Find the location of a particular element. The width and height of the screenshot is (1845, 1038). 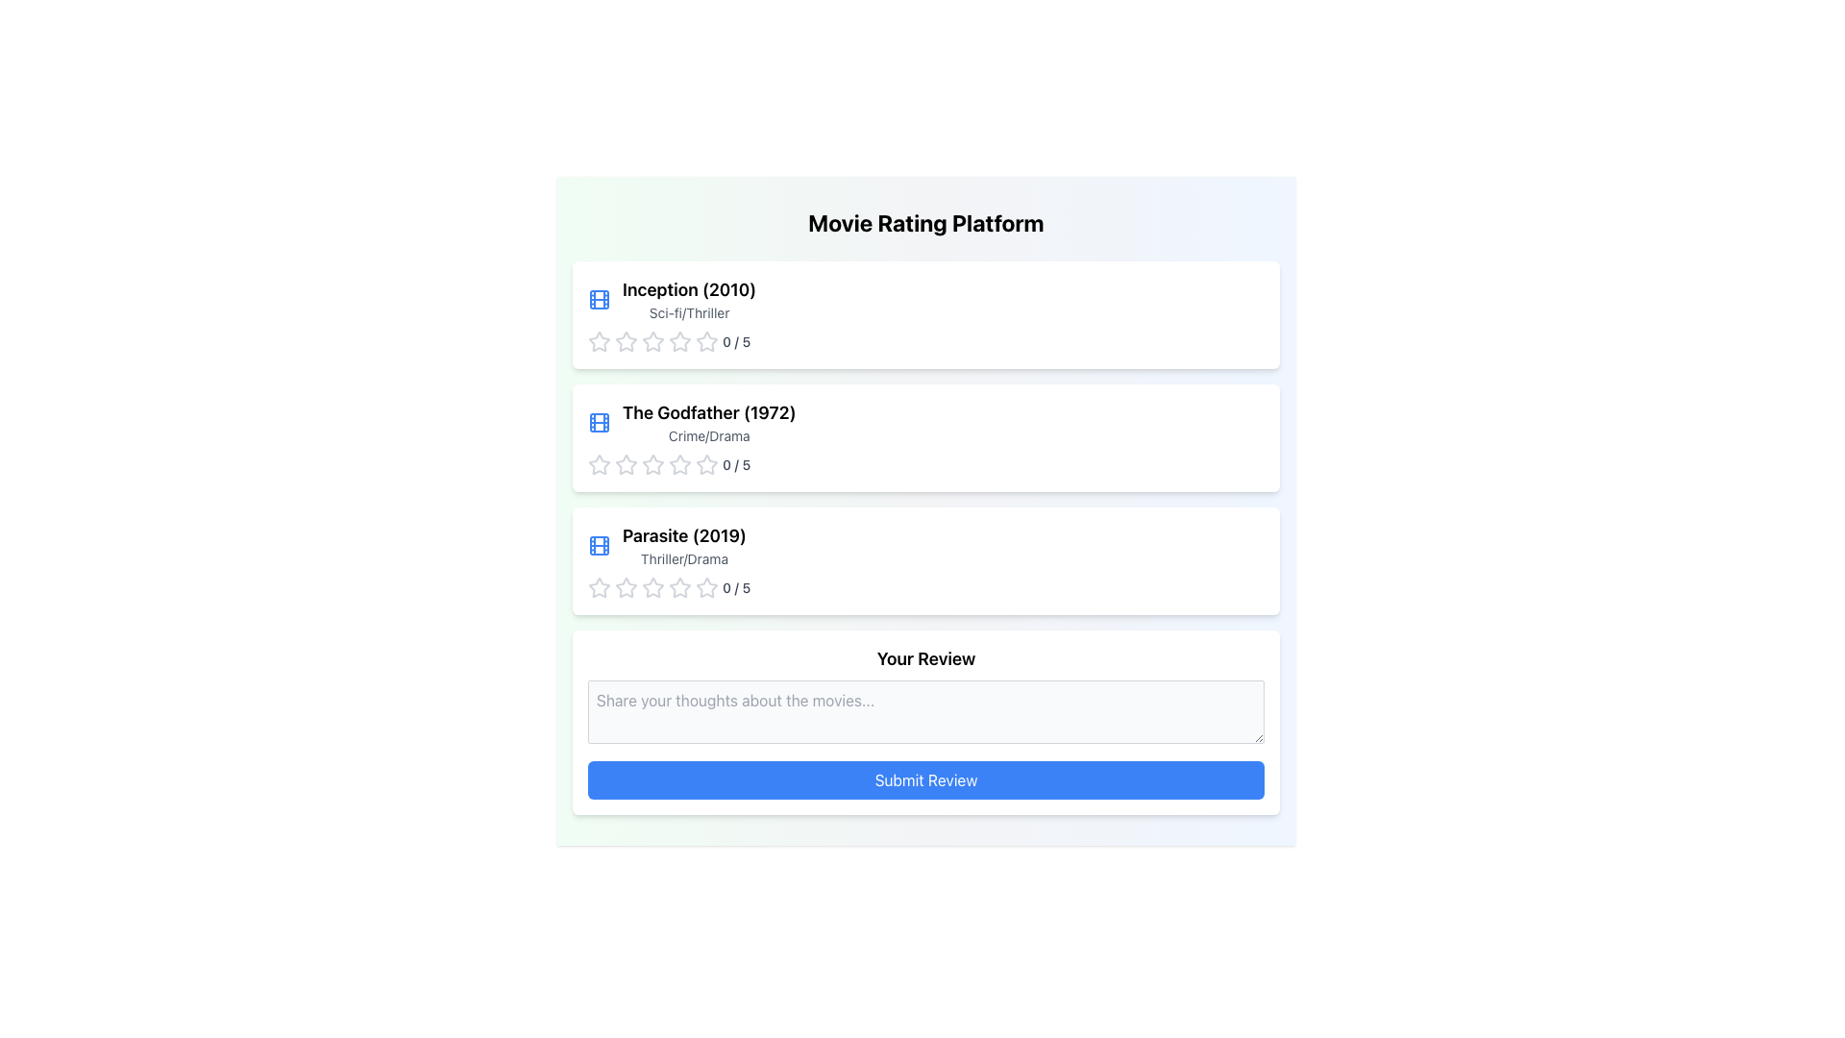

the fifth star icon in the rating section for the movie 'Inception (2010)', which allows users to give a 5-star rating is located at coordinates (705, 340).